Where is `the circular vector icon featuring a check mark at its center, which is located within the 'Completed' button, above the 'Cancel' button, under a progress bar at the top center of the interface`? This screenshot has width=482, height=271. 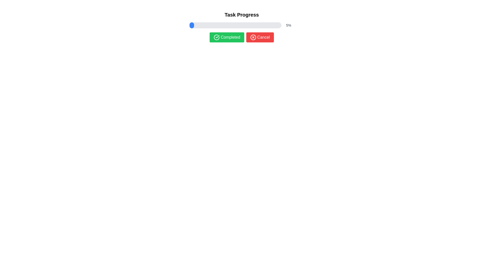
the circular vector icon featuring a check mark at its center, which is located within the 'Completed' button, above the 'Cancel' button, under a progress bar at the top center of the interface is located at coordinates (217, 37).